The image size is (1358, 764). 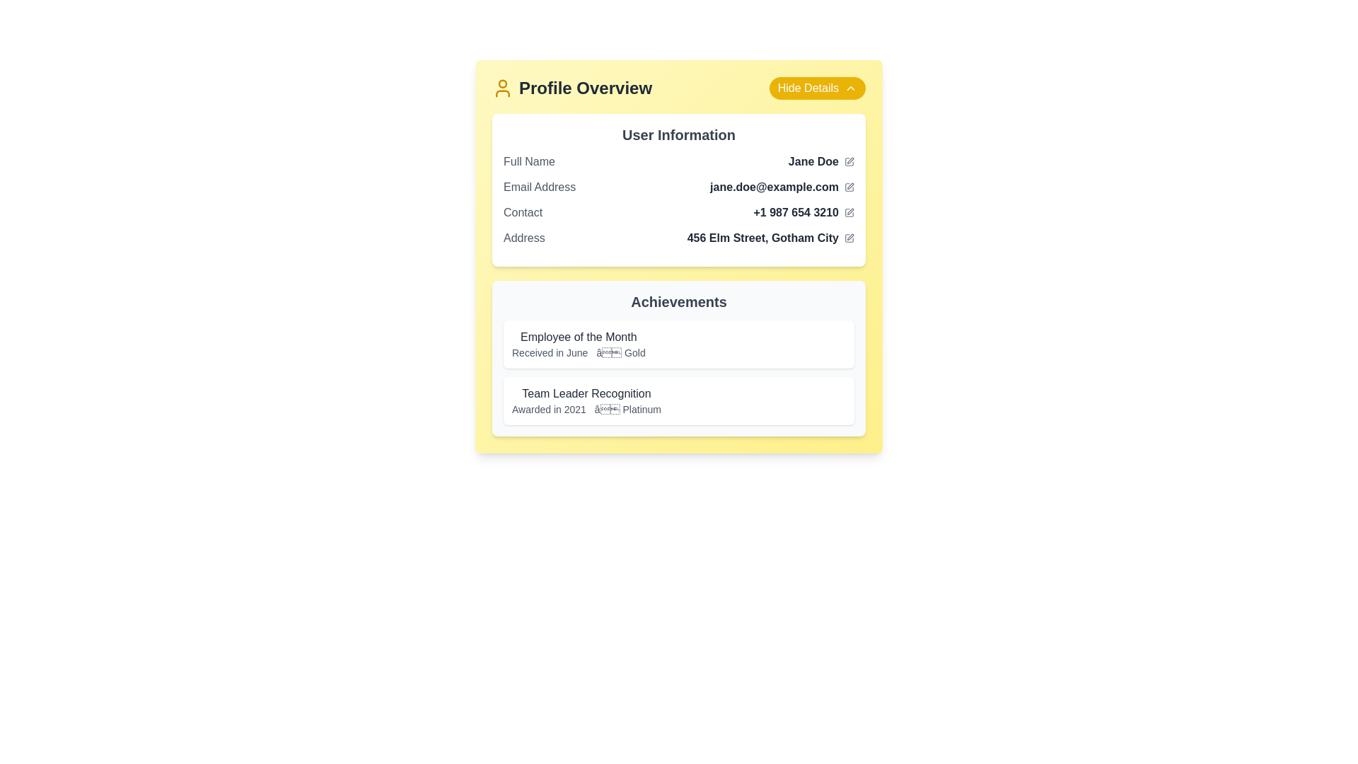 I want to click on the Text label indicating that the following information pertains to an address located in the 'User Information' section of the yellow card titled 'Profile Overview.', so click(x=523, y=237).